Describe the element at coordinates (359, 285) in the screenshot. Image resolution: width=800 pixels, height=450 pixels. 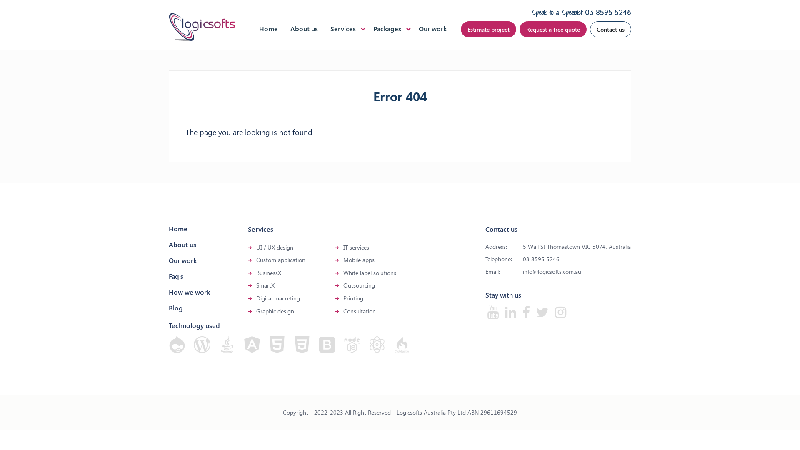
I see `'Outsourcing'` at that location.